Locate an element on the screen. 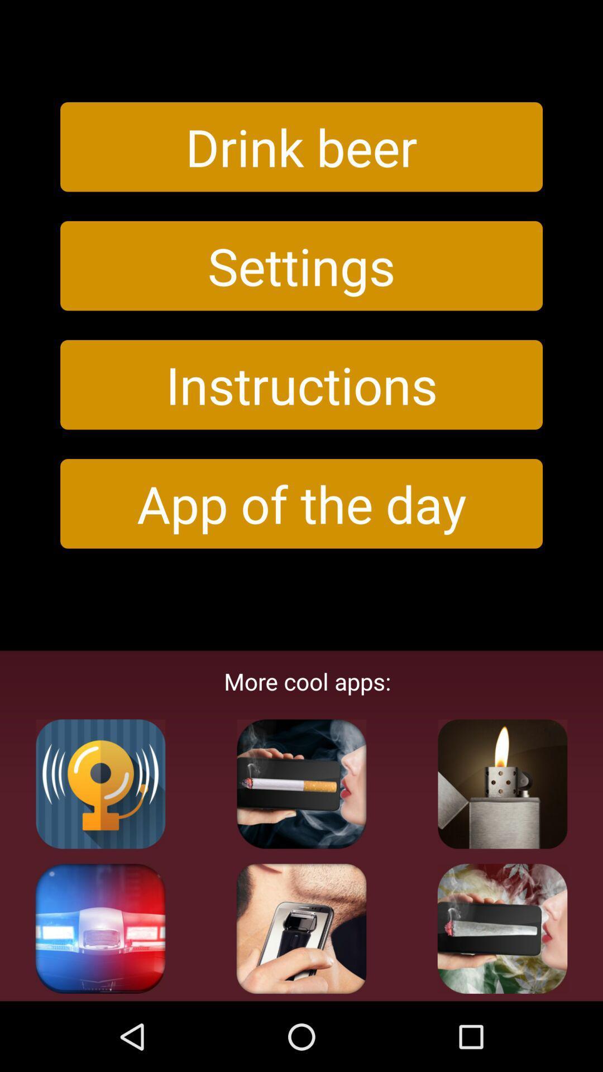 This screenshot has width=603, height=1072. settings icon is located at coordinates (301, 265).